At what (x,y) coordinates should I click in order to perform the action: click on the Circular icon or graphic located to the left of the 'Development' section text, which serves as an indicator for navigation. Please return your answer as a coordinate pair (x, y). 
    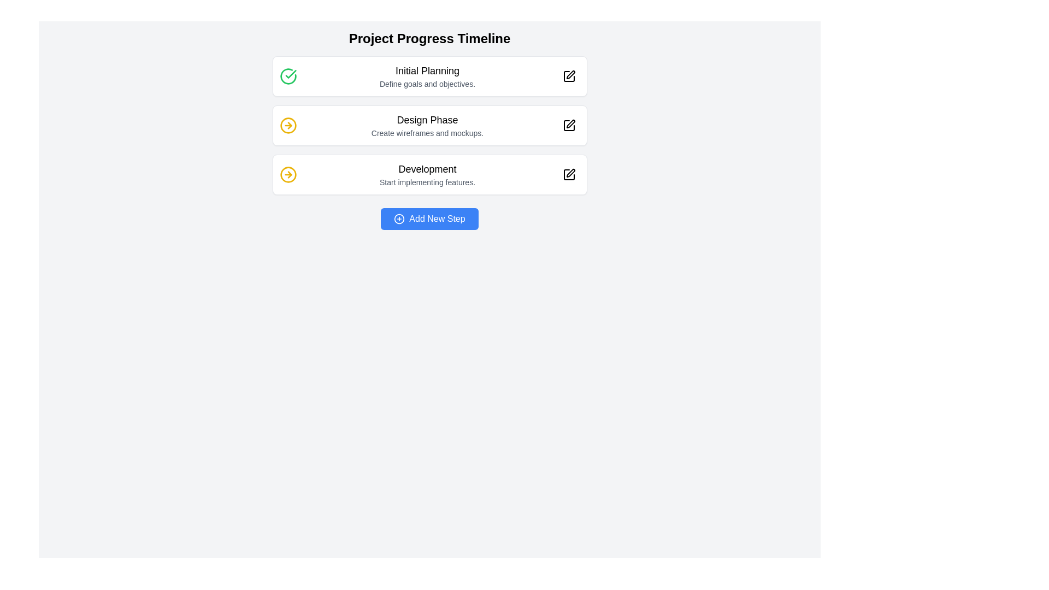
    Looking at the image, I should click on (288, 174).